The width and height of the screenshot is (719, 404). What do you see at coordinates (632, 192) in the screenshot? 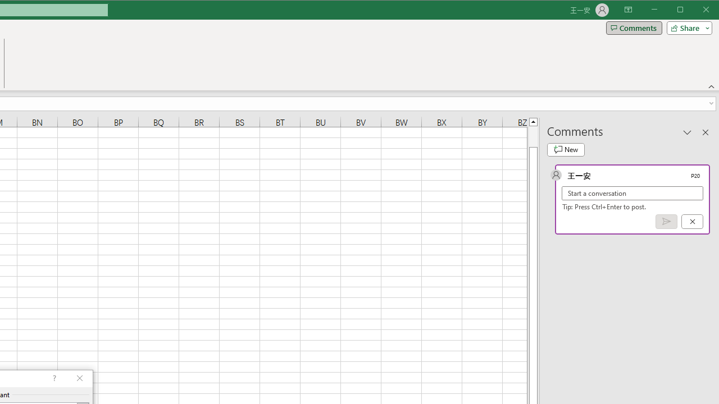
I see `'Start a conversation'` at bounding box center [632, 192].